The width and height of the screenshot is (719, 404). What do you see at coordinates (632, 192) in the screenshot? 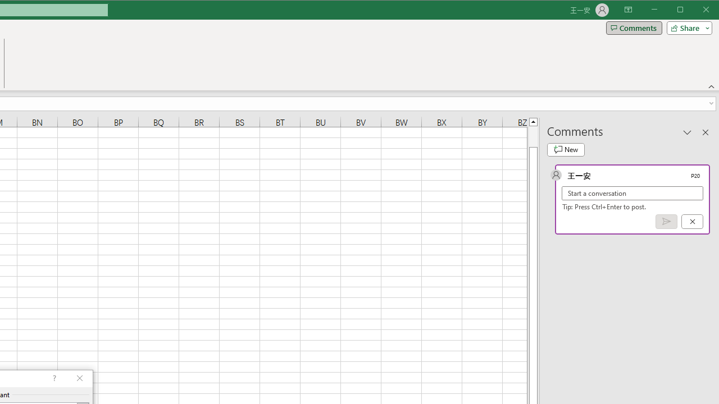
I see `'Start a conversation'` at bounding box center [632, 192].